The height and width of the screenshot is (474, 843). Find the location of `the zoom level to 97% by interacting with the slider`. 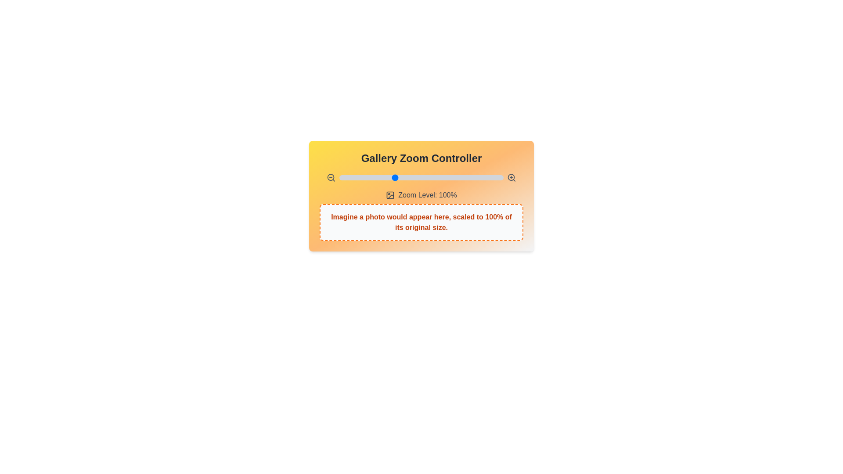

the zoom level to 97% by interacting with the slider is located at coordinates (390, 178).